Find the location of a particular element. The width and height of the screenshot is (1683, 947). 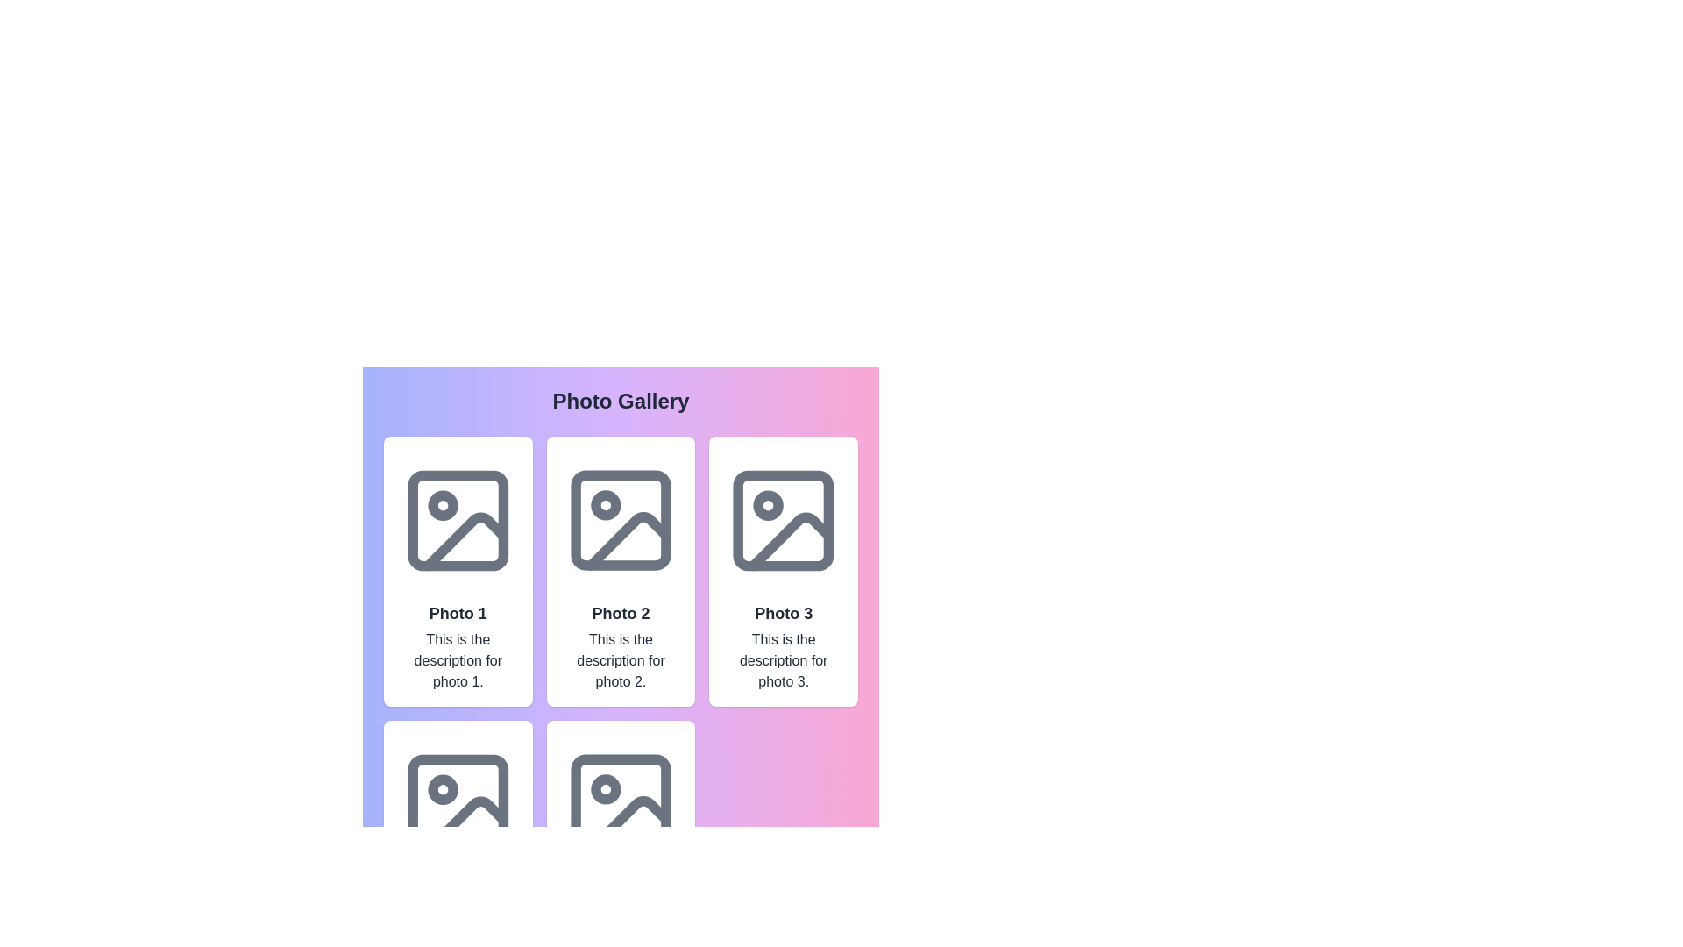

descriptive text label for 'Photo 1' located beneath the title text and above the main image icon is located at coordinates (458, 660).